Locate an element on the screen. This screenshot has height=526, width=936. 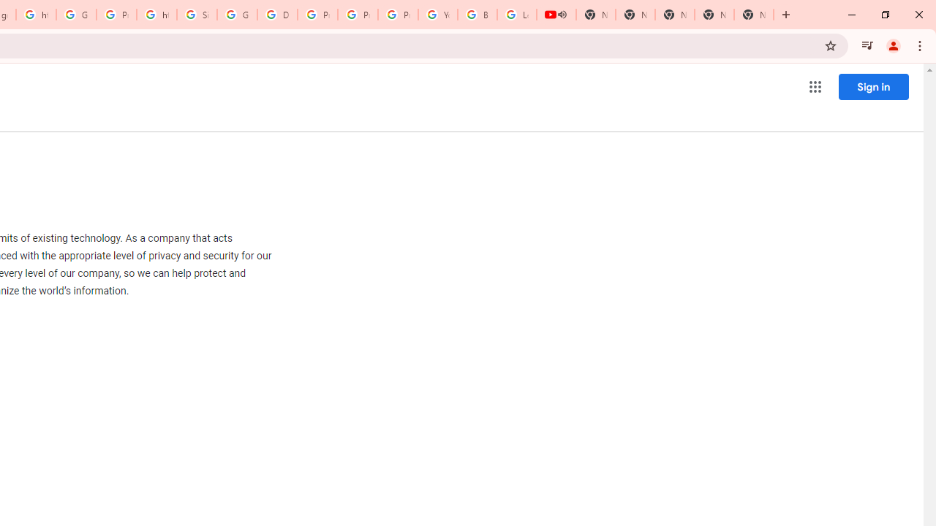
'YouTube' is located at coordinates (437, 15).